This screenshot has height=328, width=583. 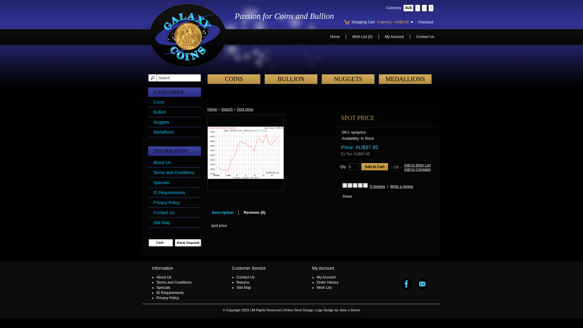 I want to click on 'Share', so click(x=347, y=196).